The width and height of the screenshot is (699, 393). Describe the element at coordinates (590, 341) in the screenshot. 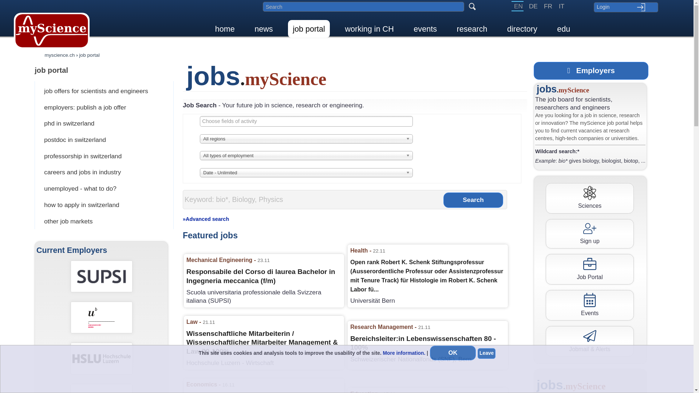

I see `'Jobmail & Alerts'` at that location.